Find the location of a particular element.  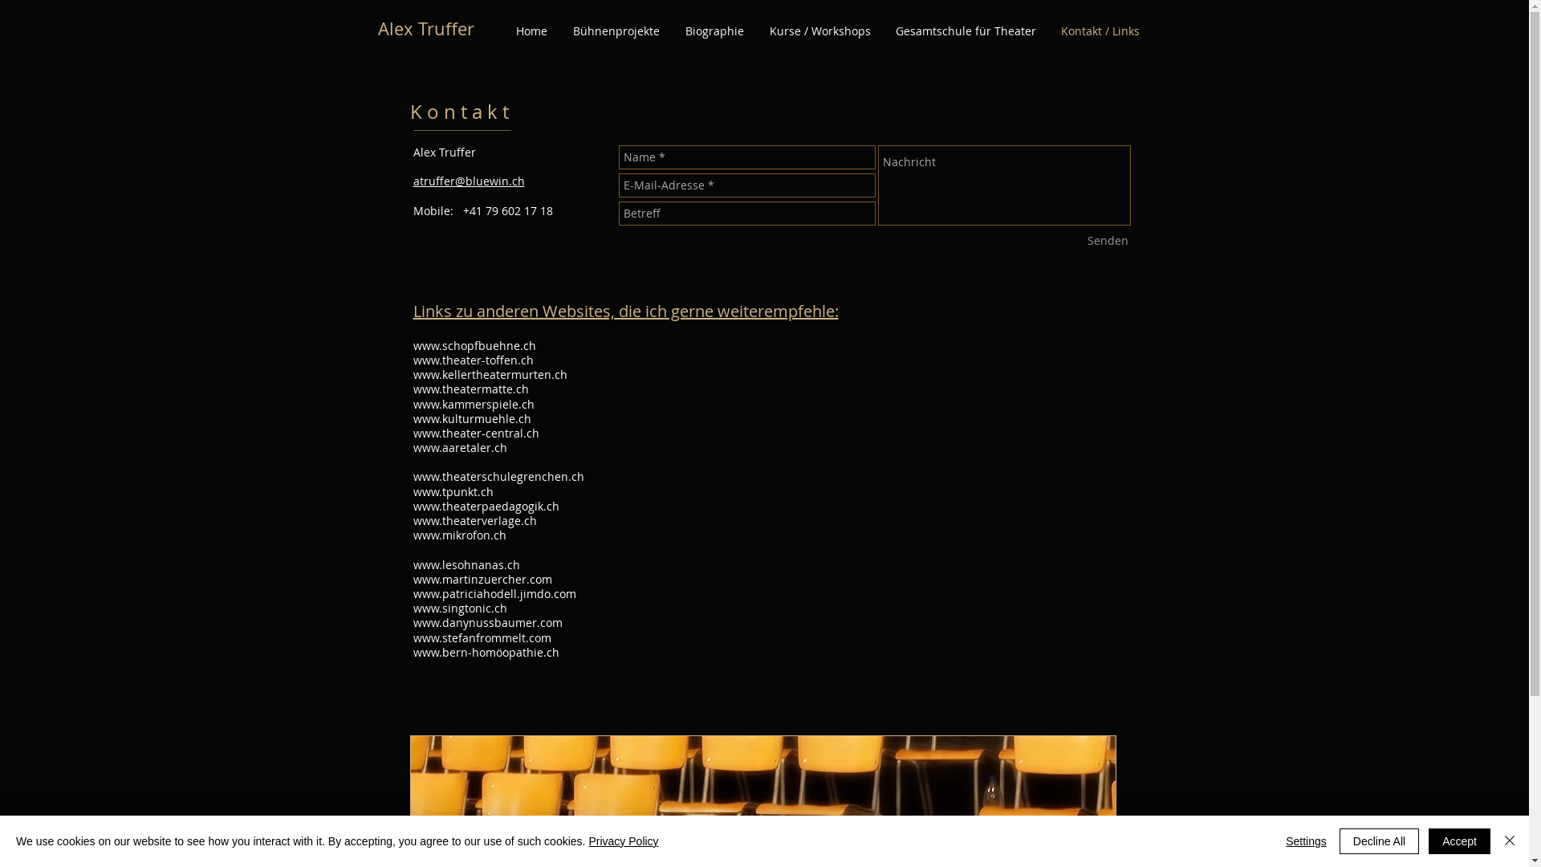

'Senden' is located at coordinates (1107, 241).